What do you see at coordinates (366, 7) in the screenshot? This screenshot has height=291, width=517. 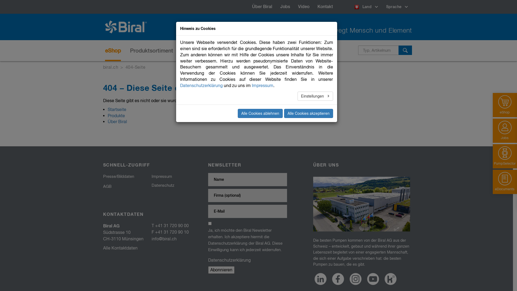 I see `'Land'` at bounding box center [366, 7].